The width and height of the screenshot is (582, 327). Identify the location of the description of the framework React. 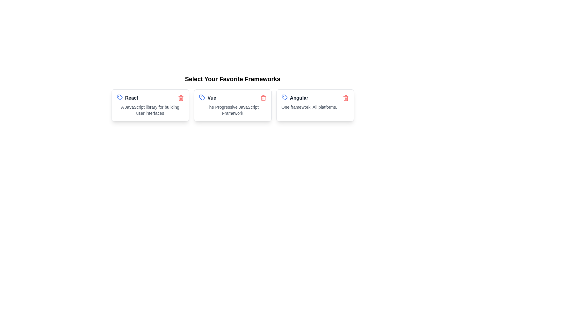
(150, 110).